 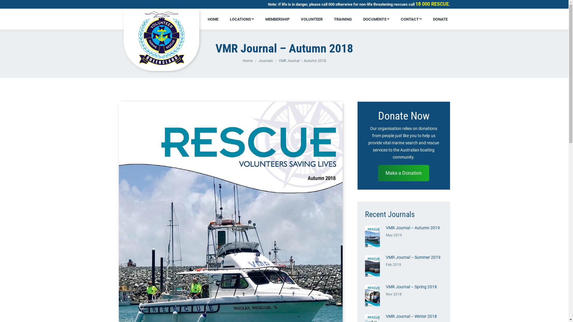 I want to click on 'Home', so click(x=247, y=61).